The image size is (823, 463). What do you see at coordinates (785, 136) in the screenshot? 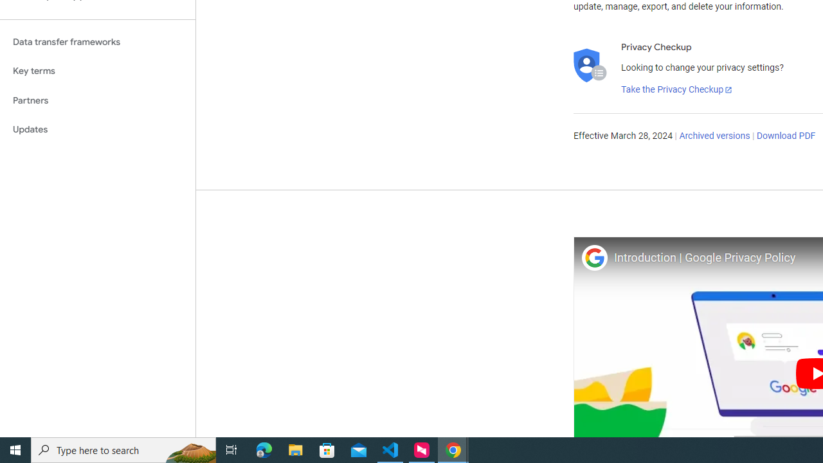
I see `'Download PDF'` at bounding box center [785, 136].